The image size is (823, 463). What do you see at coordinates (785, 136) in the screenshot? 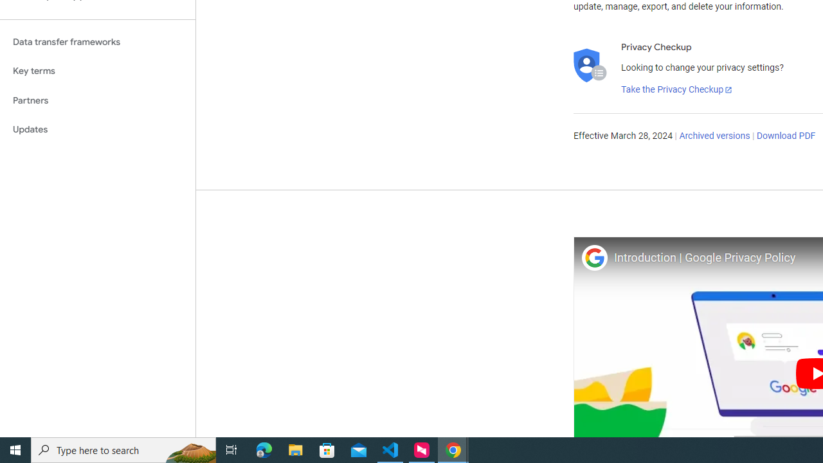
I see `'Download PDF'` at bounding box center [785, 136].